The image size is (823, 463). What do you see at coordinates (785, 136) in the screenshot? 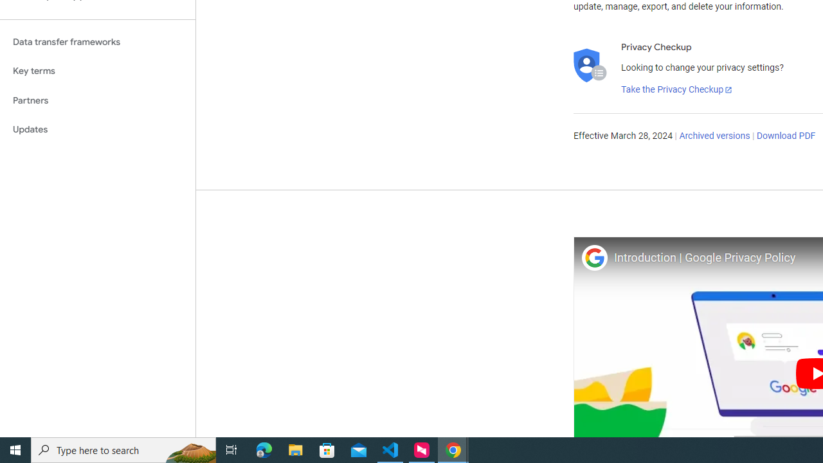
I see `'Download PDF'` at bounding box center [785, 136].